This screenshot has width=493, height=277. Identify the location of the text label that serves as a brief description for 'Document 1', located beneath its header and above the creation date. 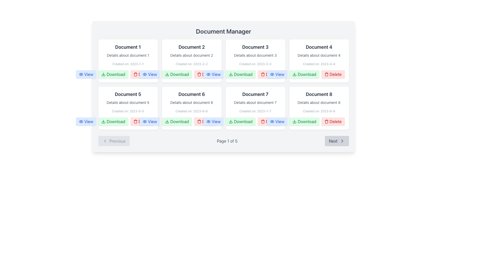
(128, 55).